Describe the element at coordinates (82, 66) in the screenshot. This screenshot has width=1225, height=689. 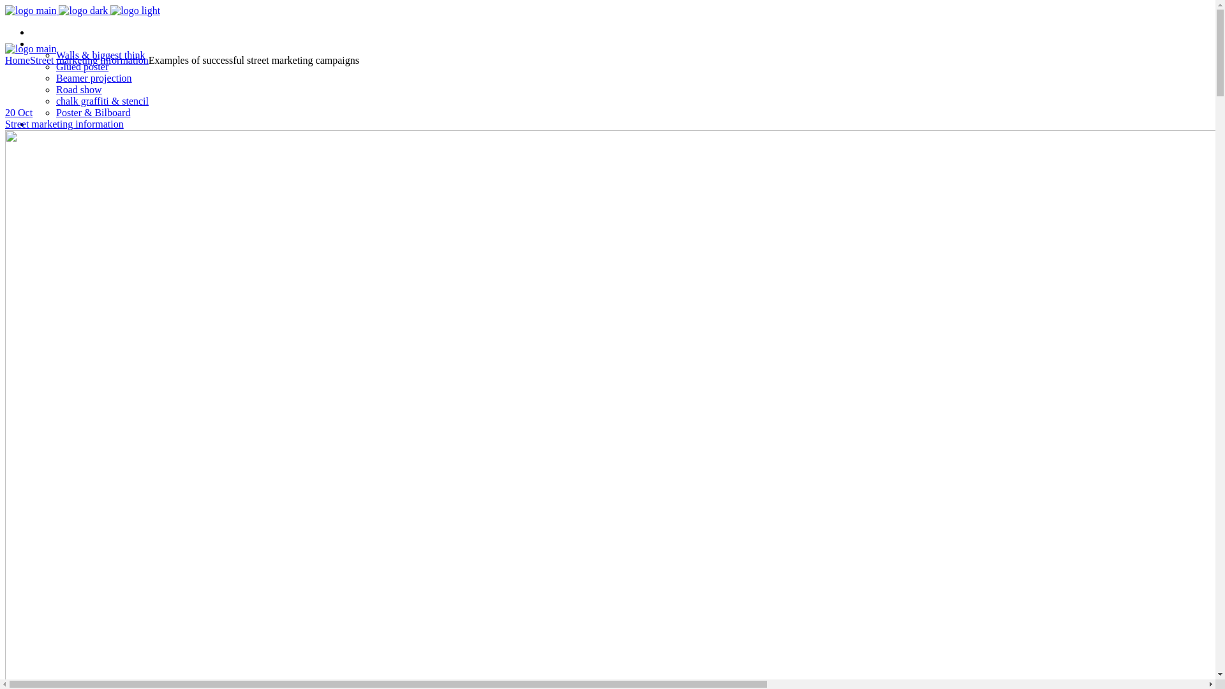
I see `'Glued poster'` at that location.